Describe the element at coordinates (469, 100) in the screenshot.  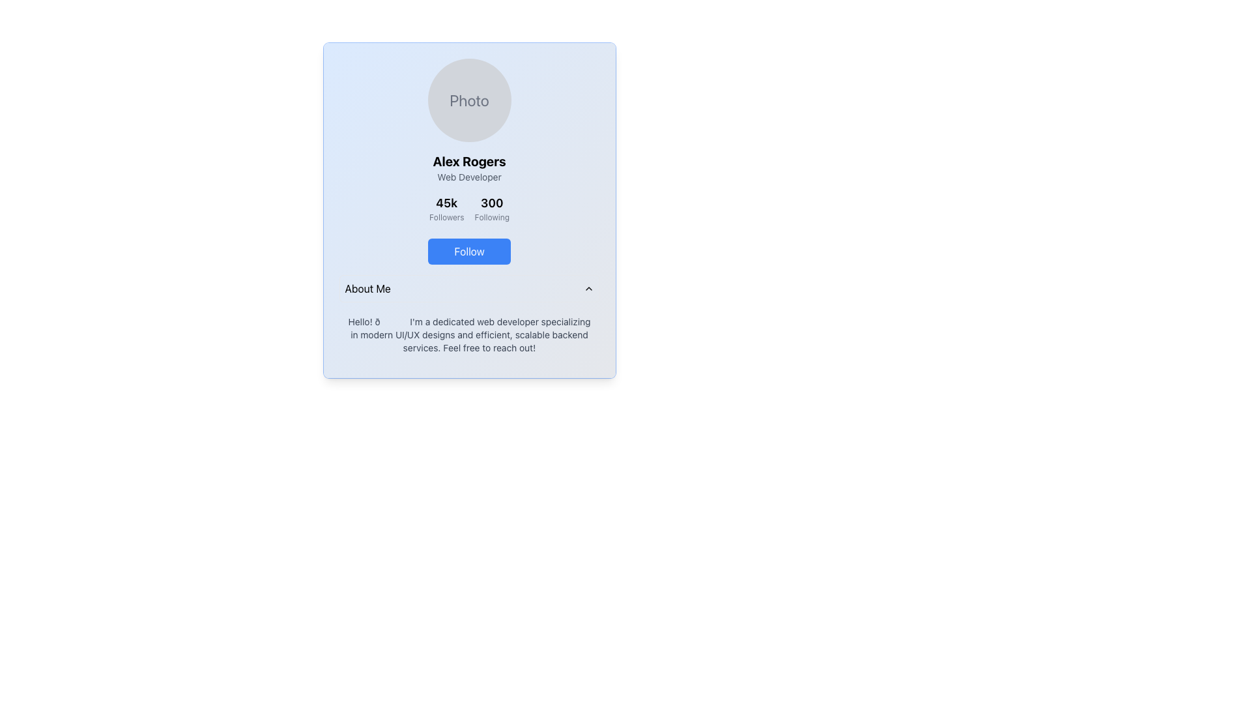
I see `the circular 'Photo' placeholder icon with a gray background and light gray font located at the top of the column layout, above the text label 'Alex Rogers'` at that location.